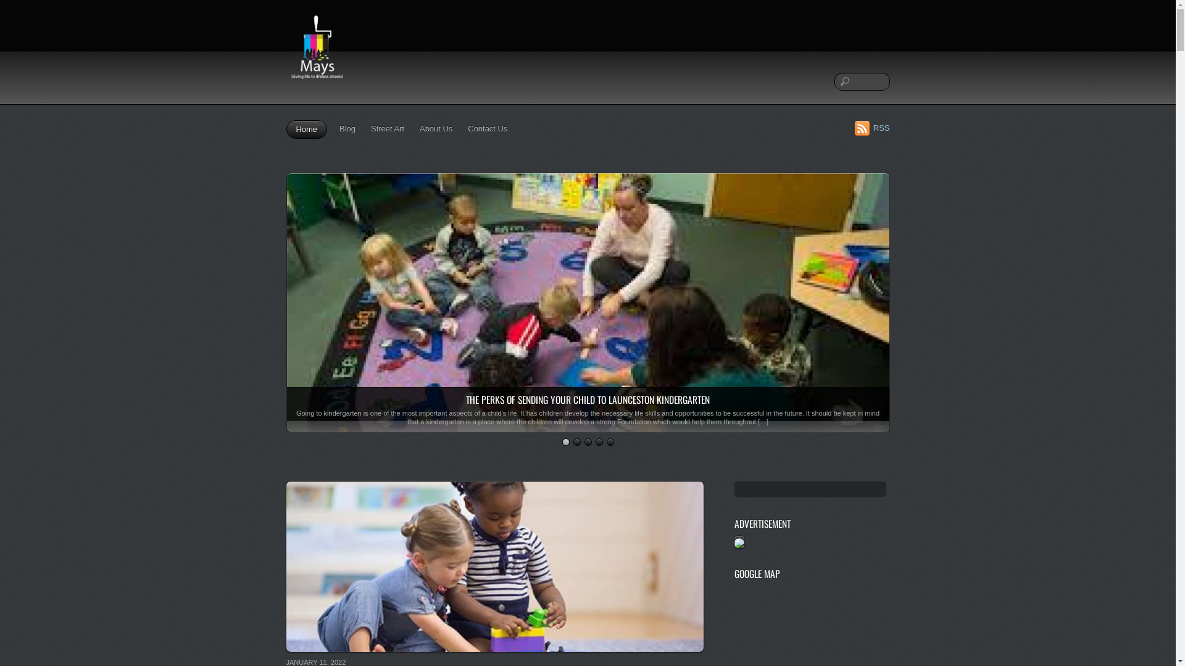 This screenshot has height=666, width=1185. Describe the element at coordinates (317, 84) in the screenshot. I see `'Mays'` at that location.